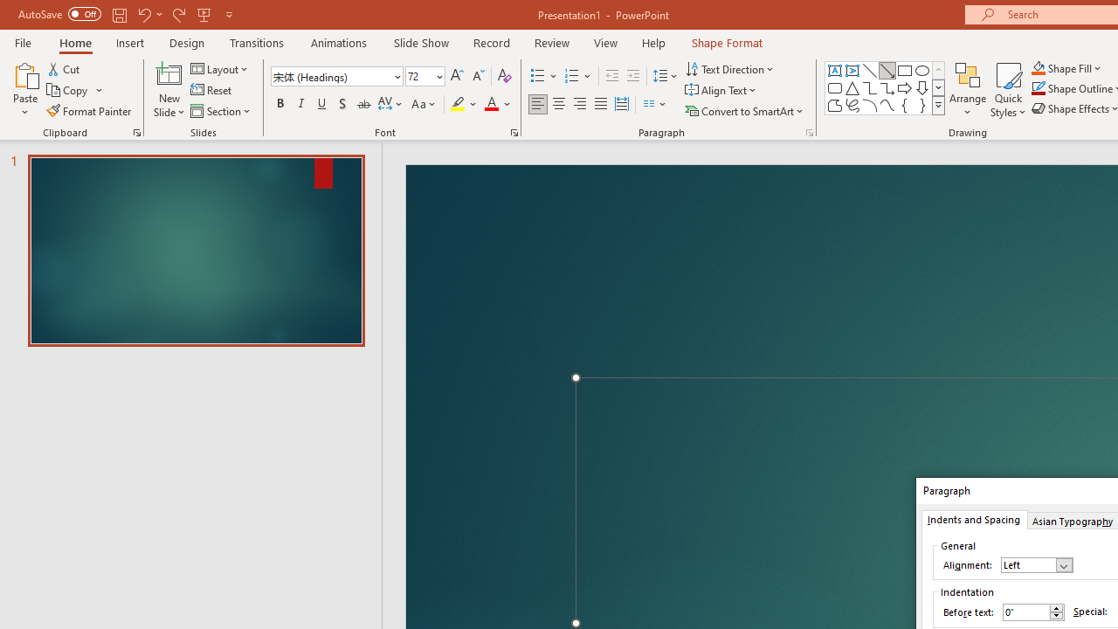  Describe the element at coordinates (887, 105) in the screenshot. I see `'Curve'` at that location.